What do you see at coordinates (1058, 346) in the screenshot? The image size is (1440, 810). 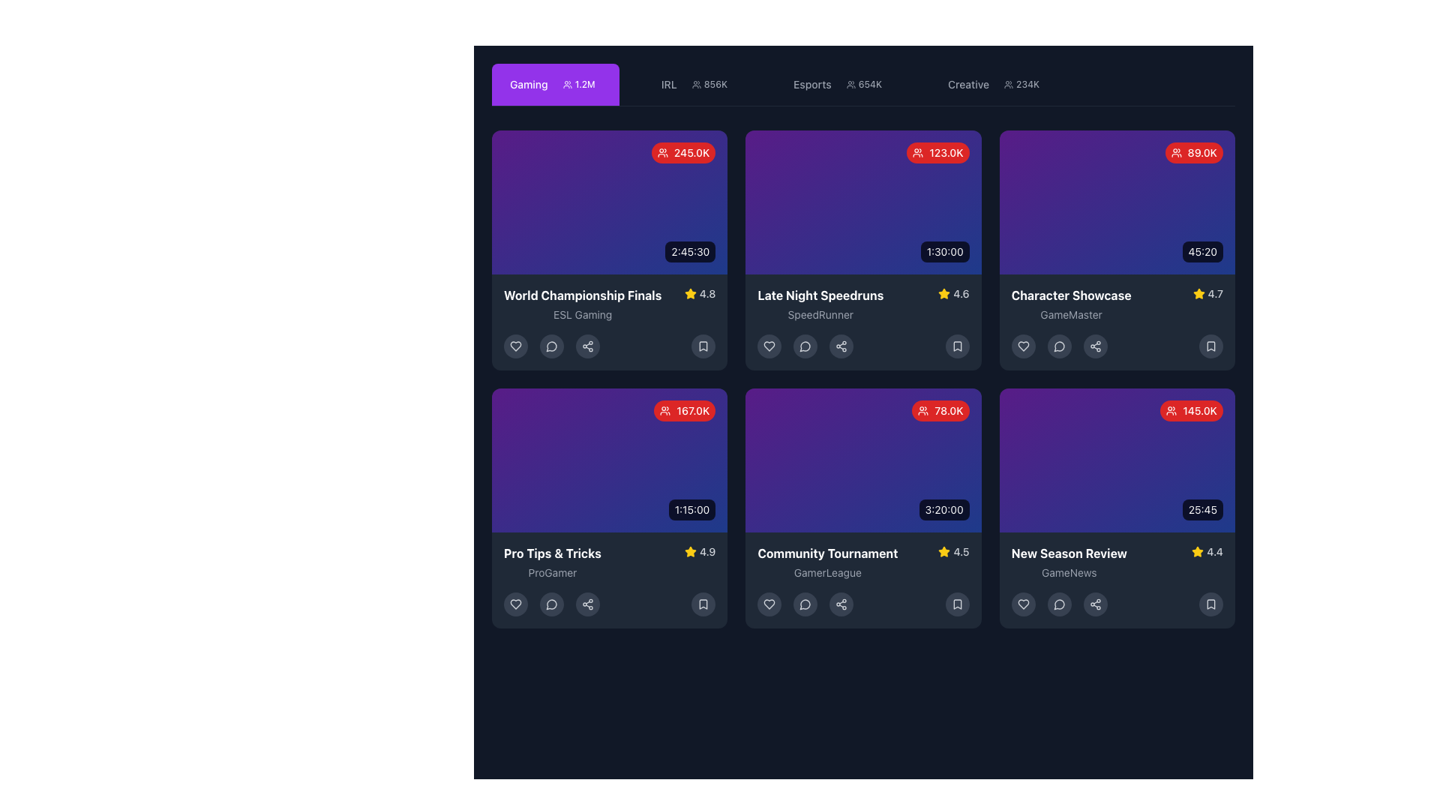 I see `the commenting button located in the footer of the 'Character Showcase' card, positioned between the heart icon and the share icon, to observe the hover effect` at bounding box center [1058, 346].